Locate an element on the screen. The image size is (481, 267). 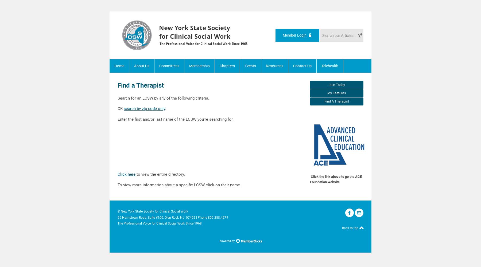
'55 Harristown Road, Suite #106, Glen Rock, NJ  07452 | Phone 800.288.4279' is located at coordinates (173, 217).